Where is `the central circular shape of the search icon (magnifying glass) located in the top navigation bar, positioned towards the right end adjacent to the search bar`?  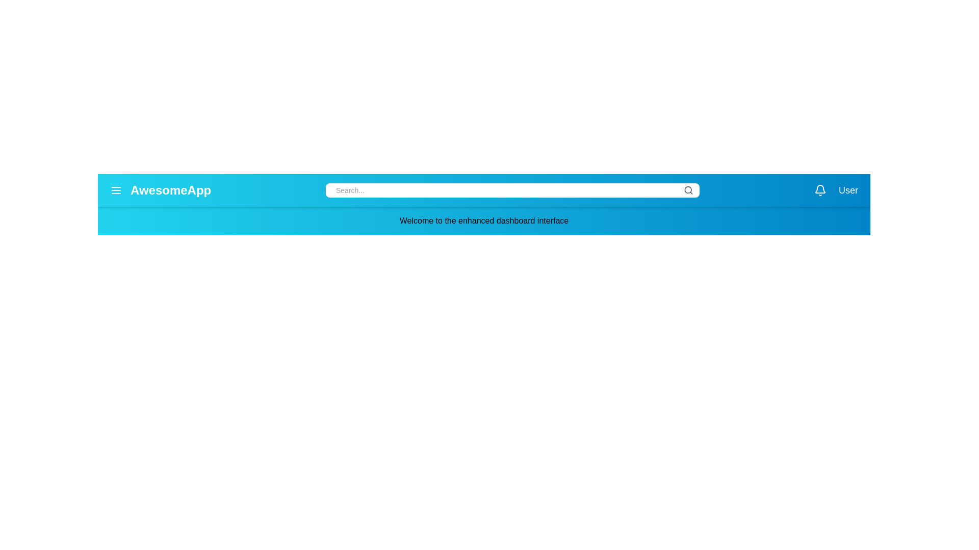 the central circular shape of the search icon (magnifying glass) located in the top navigation bar, positioned towards the right end adjacent to the search bar is located at coordinates (688, 190).